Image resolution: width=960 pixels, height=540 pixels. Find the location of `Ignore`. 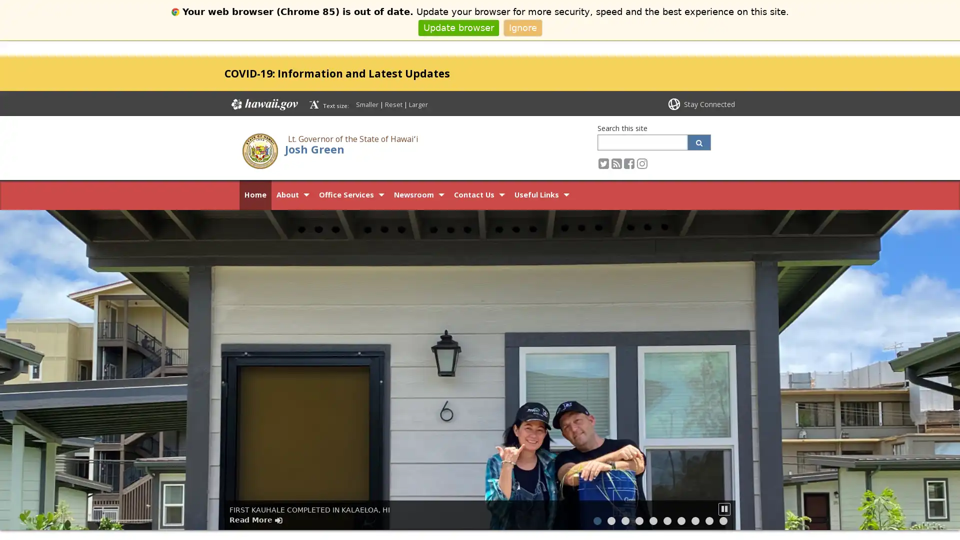

Ignore is located at coordinates (522, 27).